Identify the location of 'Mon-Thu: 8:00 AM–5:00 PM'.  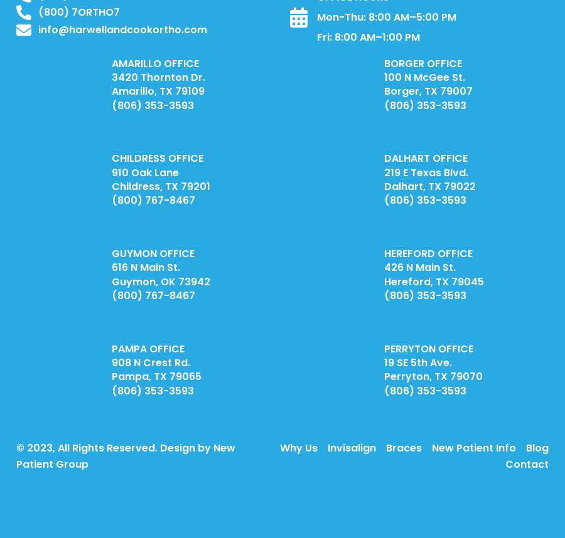
(385, 16).